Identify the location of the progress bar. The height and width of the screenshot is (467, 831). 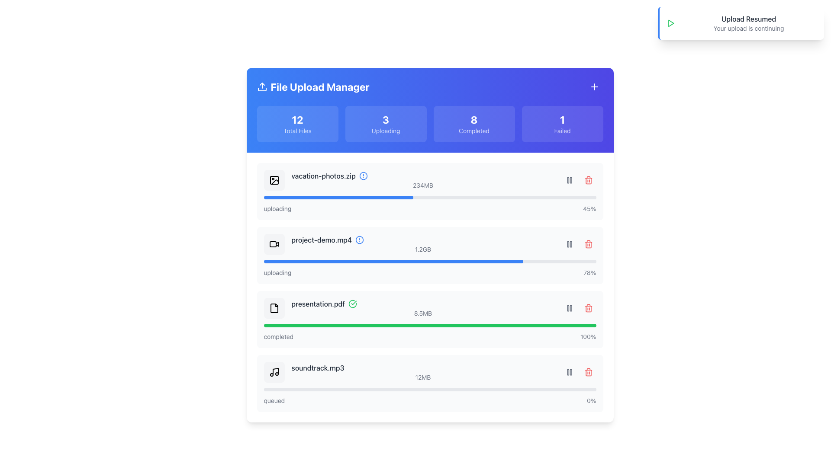
(349, 197).